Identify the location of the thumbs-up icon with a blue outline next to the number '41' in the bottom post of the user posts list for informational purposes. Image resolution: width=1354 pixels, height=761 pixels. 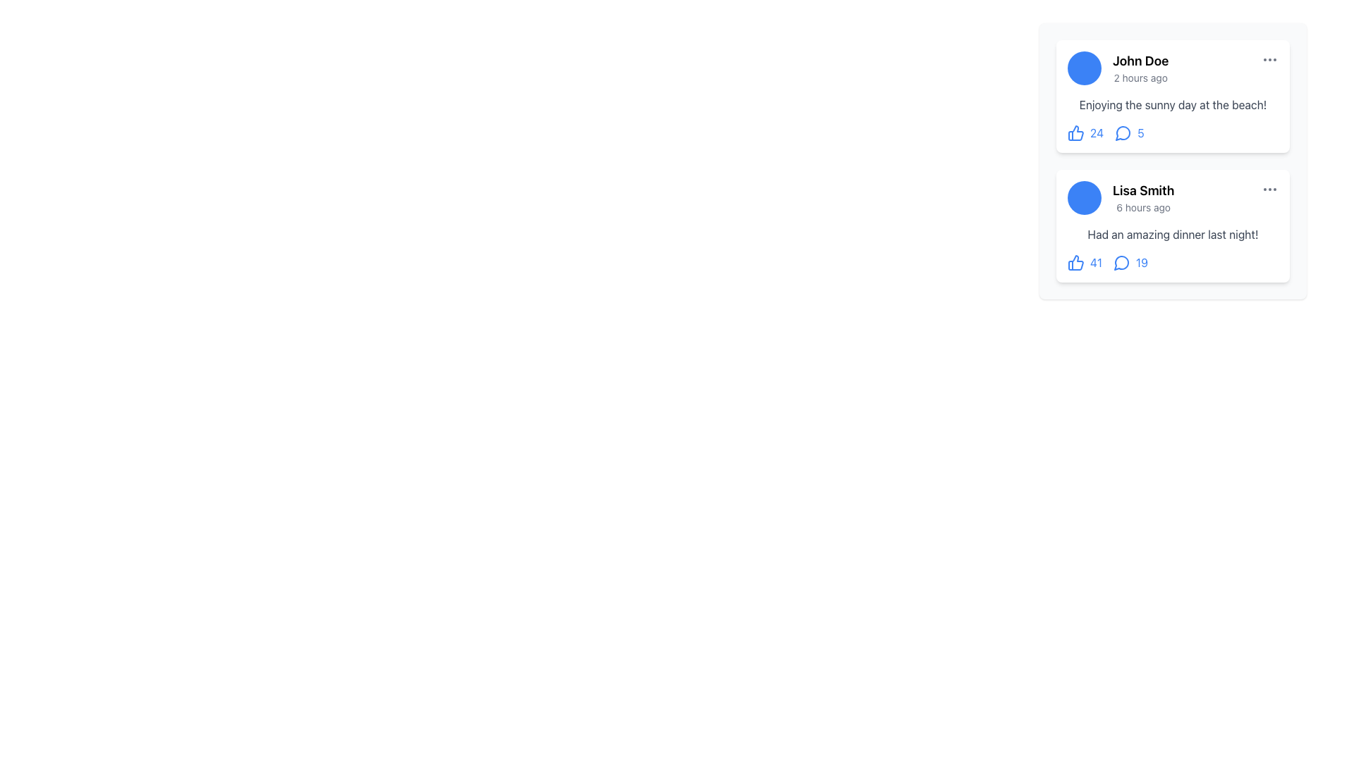
(1075, 263).